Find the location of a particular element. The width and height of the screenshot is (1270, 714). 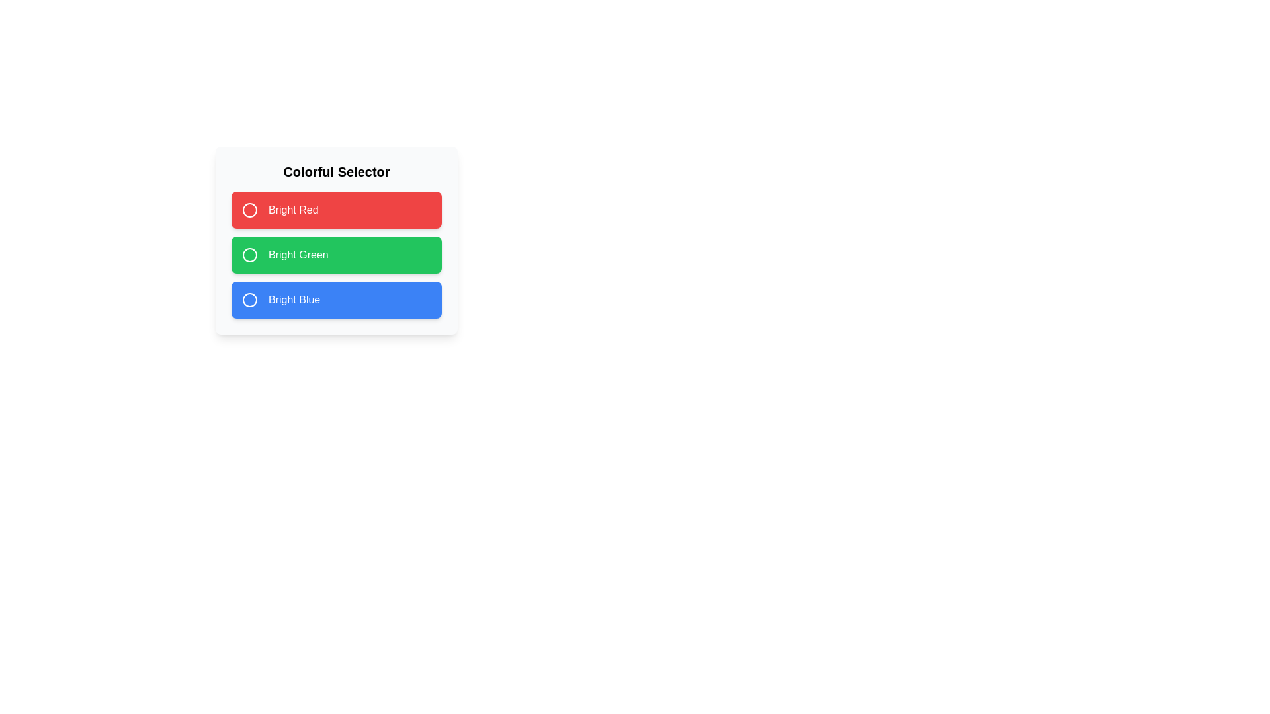

the white circular radio button with a red background located to the left of the text 'Bright Red' in the topmost row of three options is located at coordinates (250, 209).